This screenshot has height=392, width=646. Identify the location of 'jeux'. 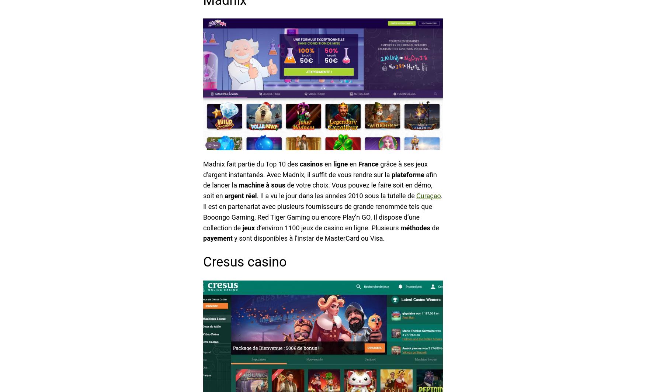
(242, 227).